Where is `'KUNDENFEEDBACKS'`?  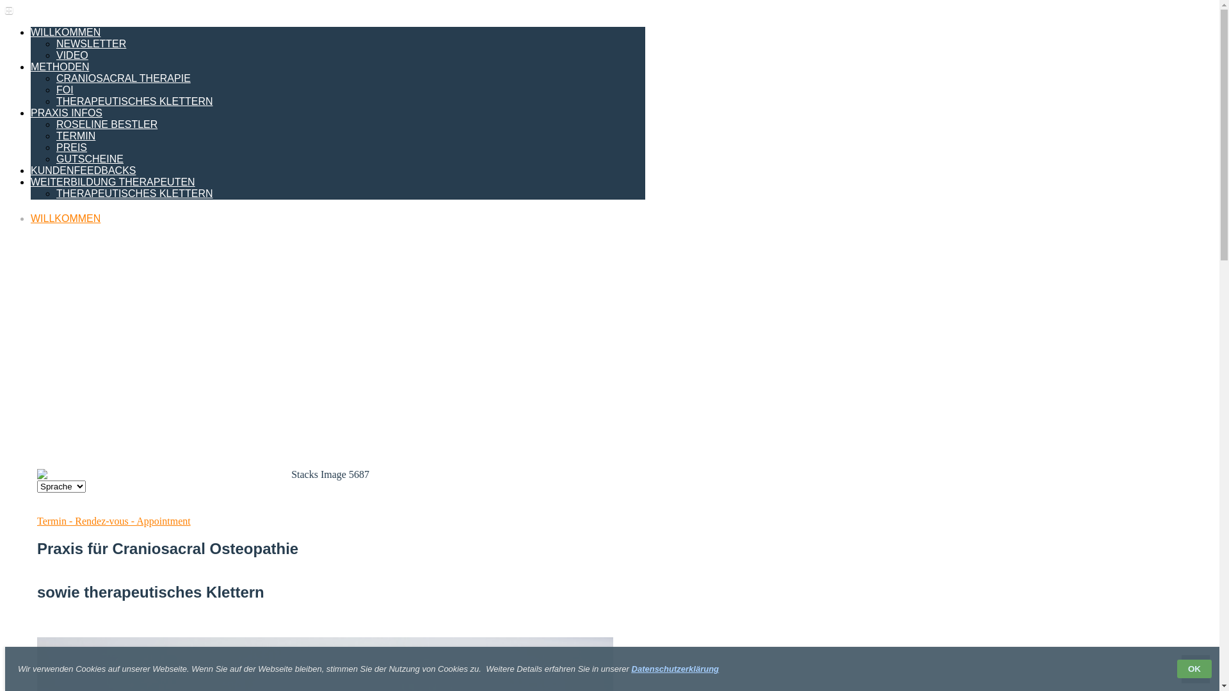
'KUNDENFEEDBACKS' is located at coordinates (82, 170).